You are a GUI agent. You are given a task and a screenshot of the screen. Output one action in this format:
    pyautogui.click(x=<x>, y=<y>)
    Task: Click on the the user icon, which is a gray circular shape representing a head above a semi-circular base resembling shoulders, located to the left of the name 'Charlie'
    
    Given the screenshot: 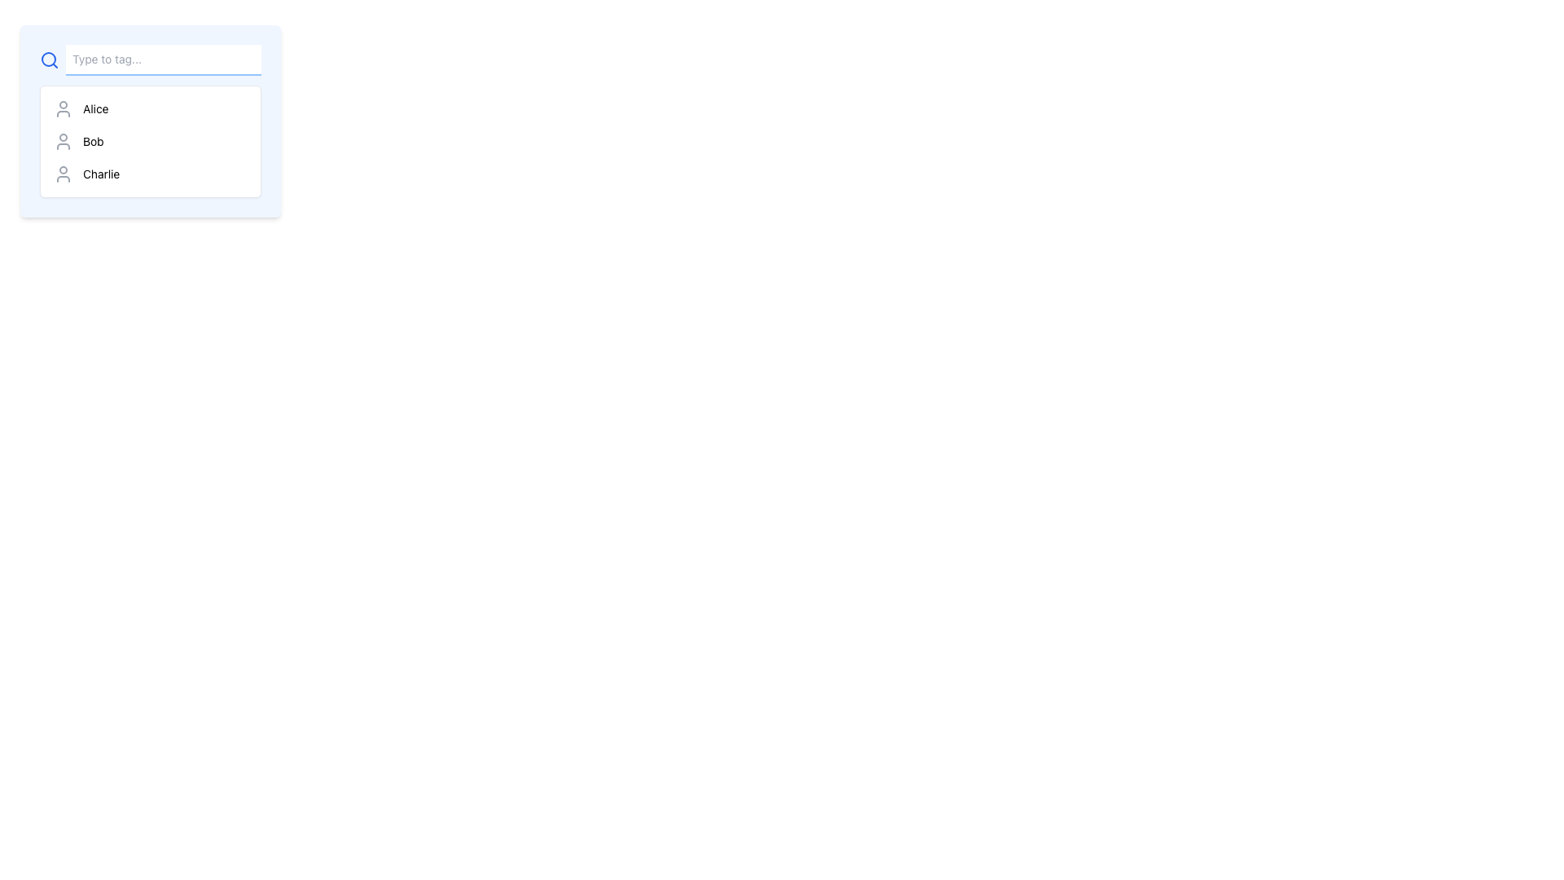 What is the action you would take?
    pyautogui.click(x=63, y=174)
    